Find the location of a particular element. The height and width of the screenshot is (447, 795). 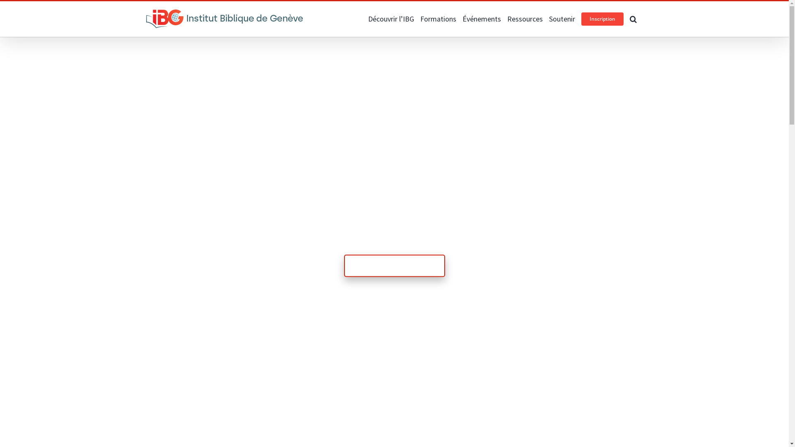

'Email' is located at coordinates (175, 9).